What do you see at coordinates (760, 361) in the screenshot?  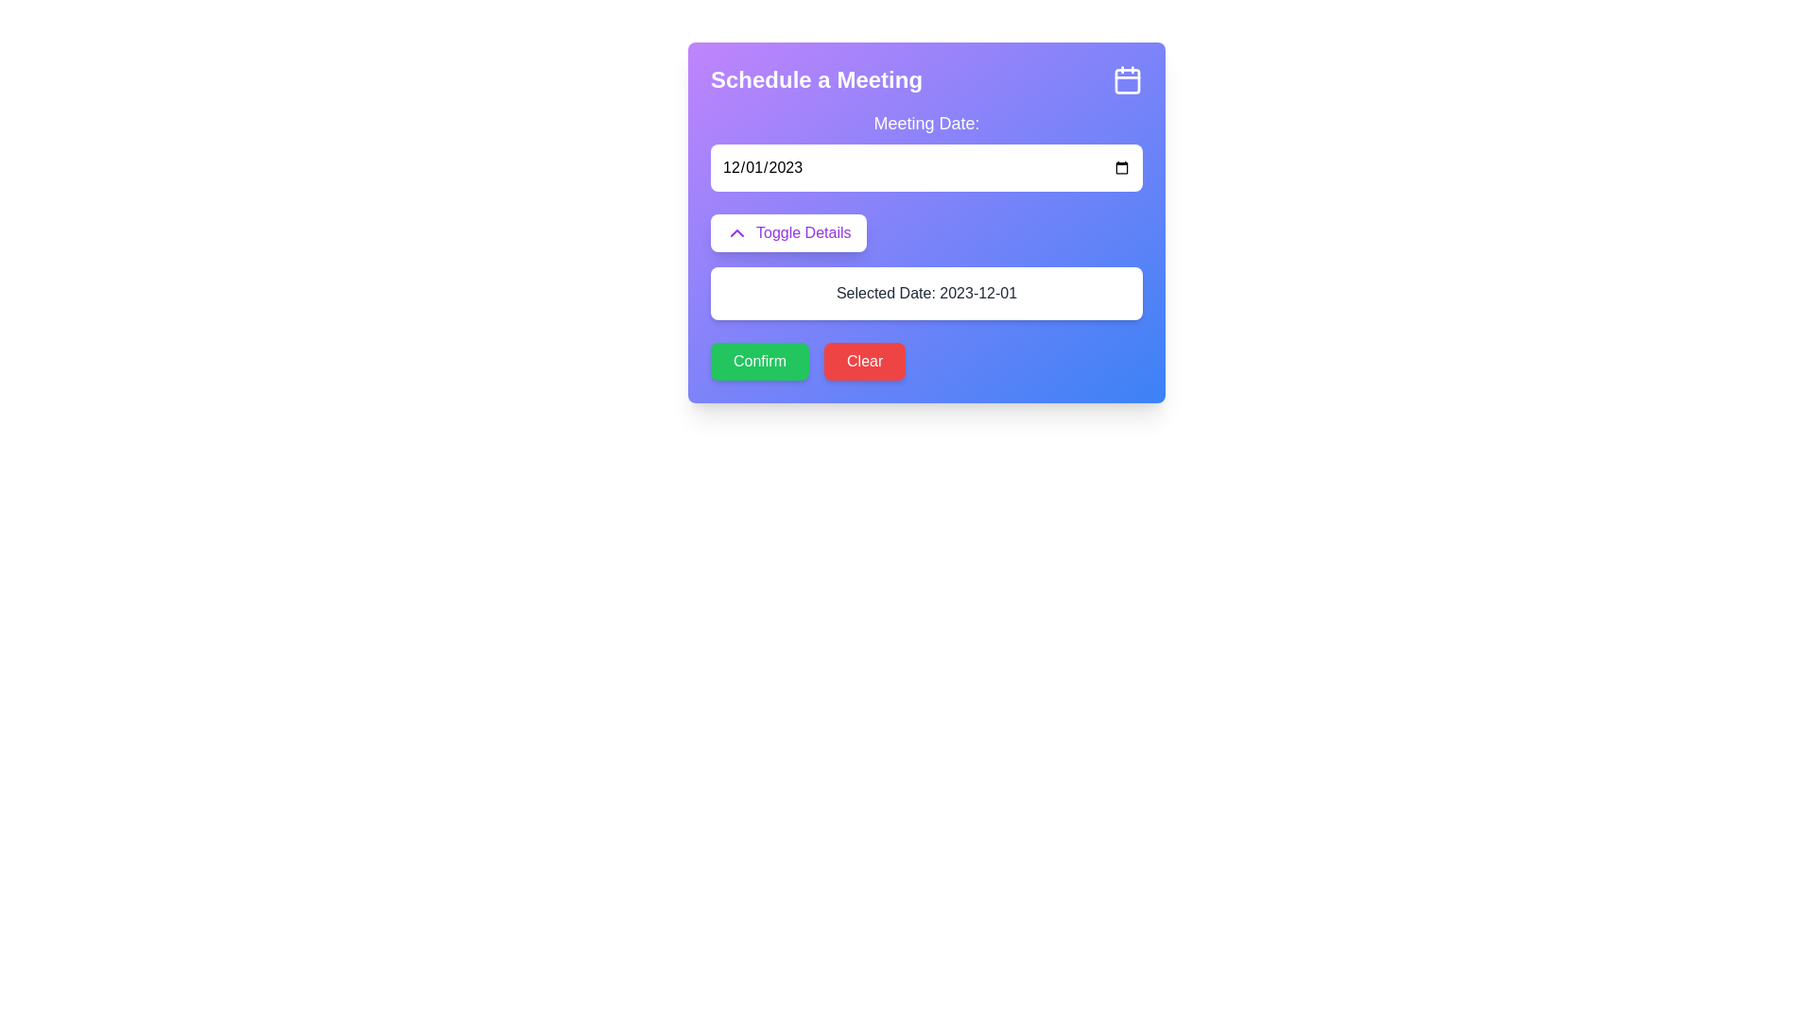 I see `the green rectangular 'Confirm' button to change its appearance, which features rounded corners and a drop shadow` at bounding box center [760, 361].